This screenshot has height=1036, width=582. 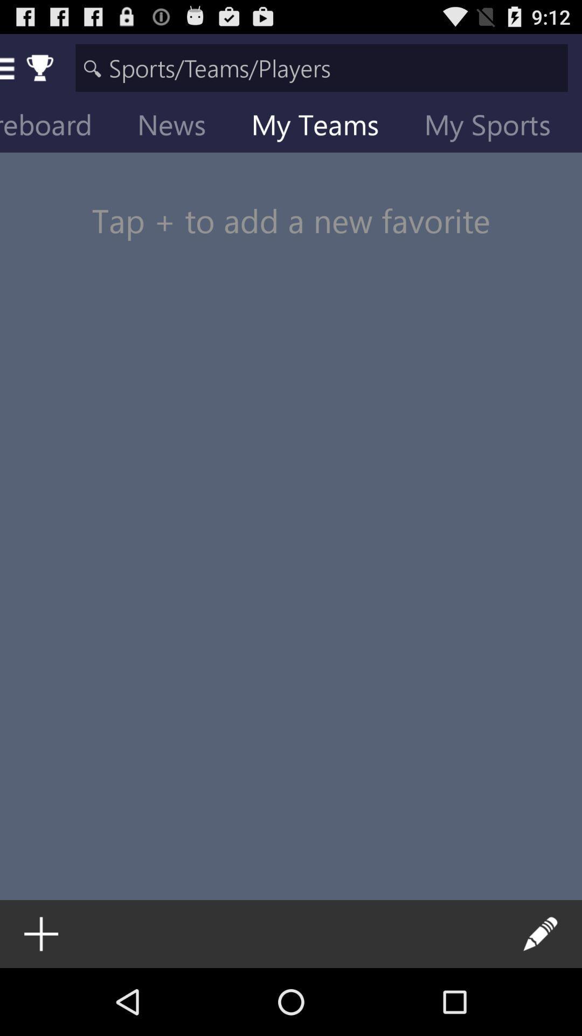 I want to click on search sports team or players, so click(x=321, y=67).